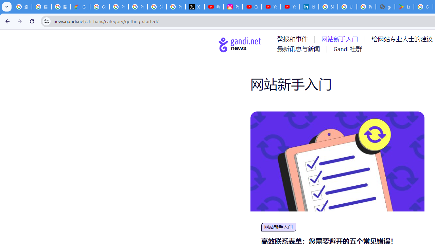 This screenshot has width=435, height=244. I want to click on 'YouTube Culture & Trends - YouTube Top 10, 2021', so click(290, 7).